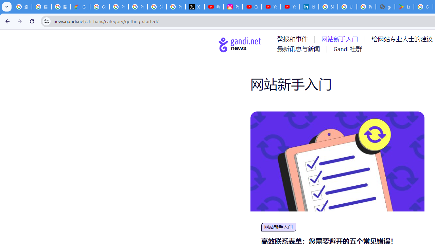 This screenshot has width=435, height=244. I want to click on 'YouTube Culture & Trends - YouTube Top 10, 2021', so click(290, 7).